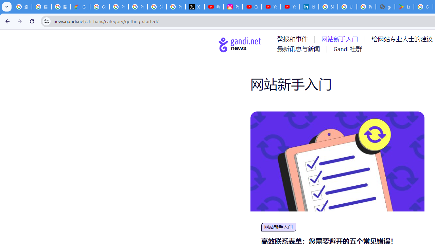 This screenshot has width=435, height=244. I want to click on 'YouTube Culture & Trends - YouTube Top 10, 2021', so click(290, 7).